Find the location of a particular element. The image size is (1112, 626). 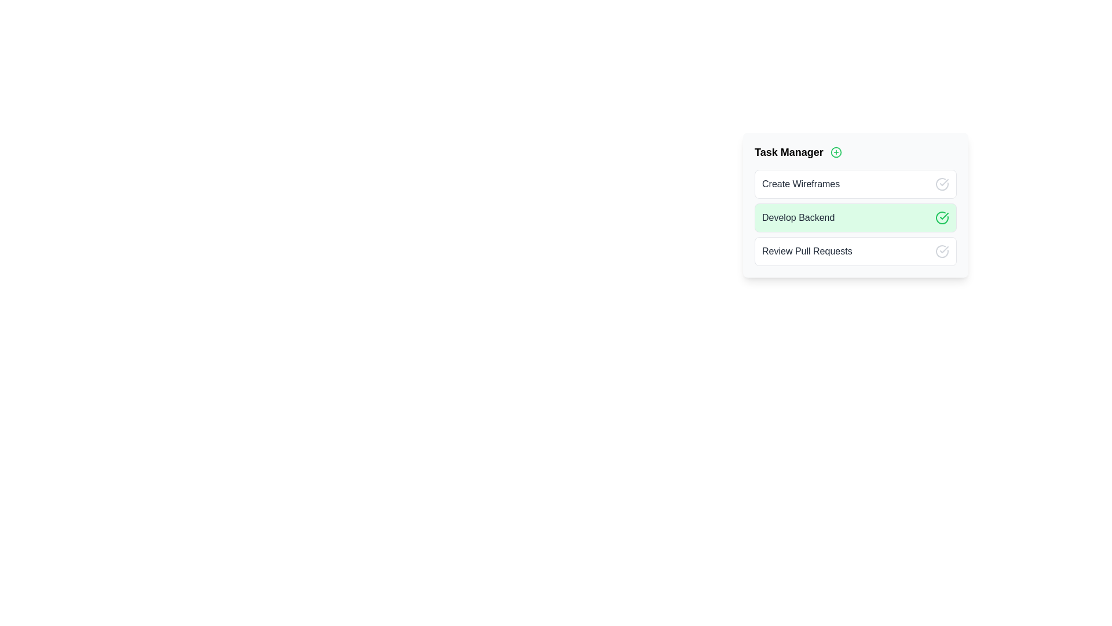

the text label reading 'Review Pull Requests' which is styled with a medium-weight font and gray color, positioned in the to-do list as the leftmost element in the third position is located at coordinates (806, 251).